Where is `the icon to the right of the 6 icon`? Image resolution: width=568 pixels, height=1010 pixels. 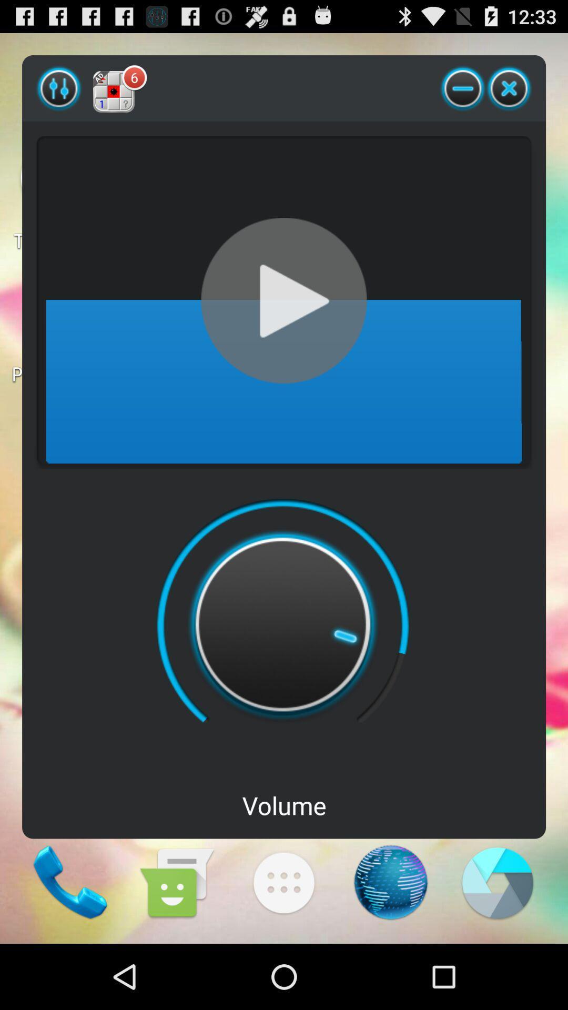
the icon to the right of the 6 icon is located at coordinates (462, 88).